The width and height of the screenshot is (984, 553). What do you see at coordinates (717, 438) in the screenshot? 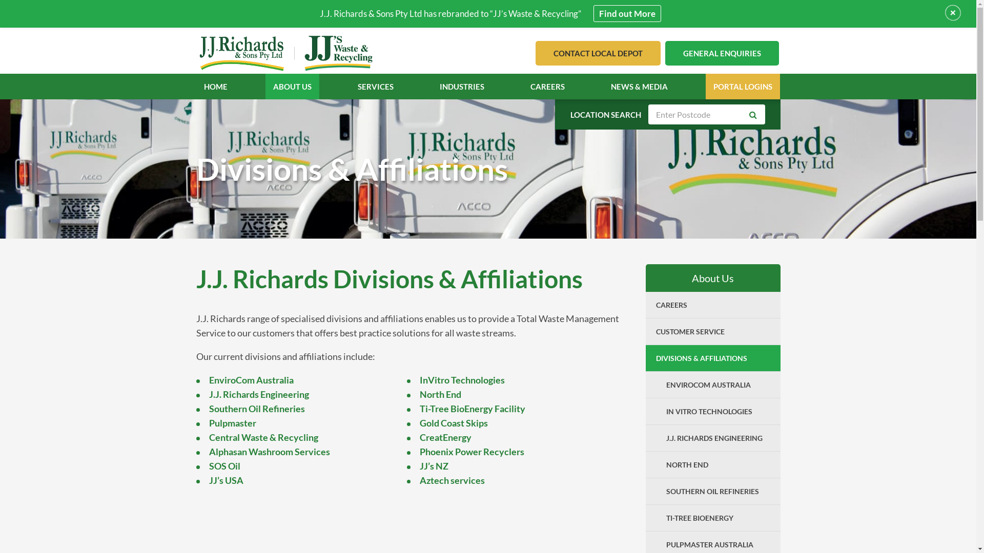
I see `'J.J. RICHARDS ENGINEERING'` at bounding box center [717, 438].